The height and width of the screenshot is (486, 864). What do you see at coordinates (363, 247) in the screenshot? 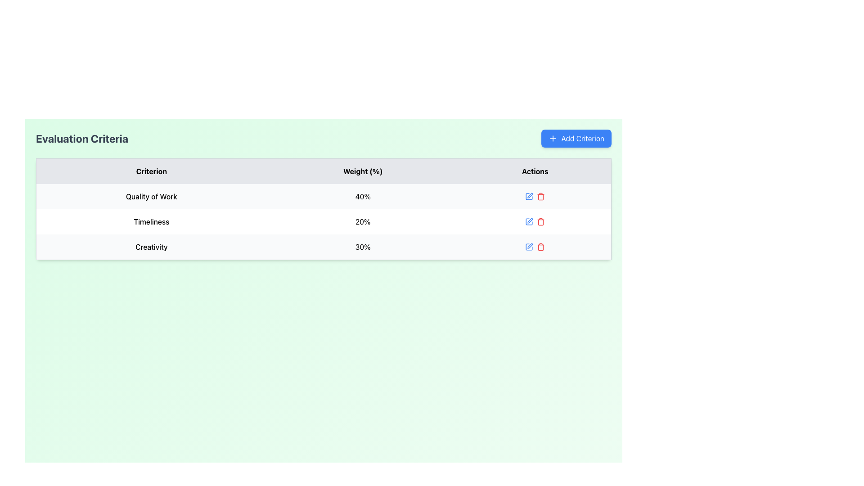
I see `the text label displaying '30%' in bold within the 'Weight (%)' column of the 'Creativity' row in the table` at bounding box center [363, 247].